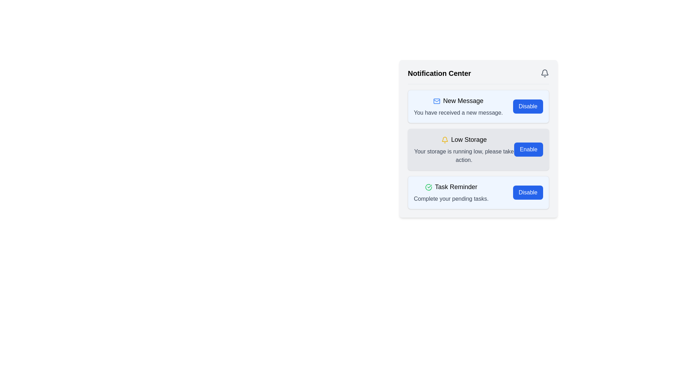 This screenshot has width=678, height=381. I want to click on the notification bell icon located in the upper-right corner of the notification center panel, so click(544, 72).